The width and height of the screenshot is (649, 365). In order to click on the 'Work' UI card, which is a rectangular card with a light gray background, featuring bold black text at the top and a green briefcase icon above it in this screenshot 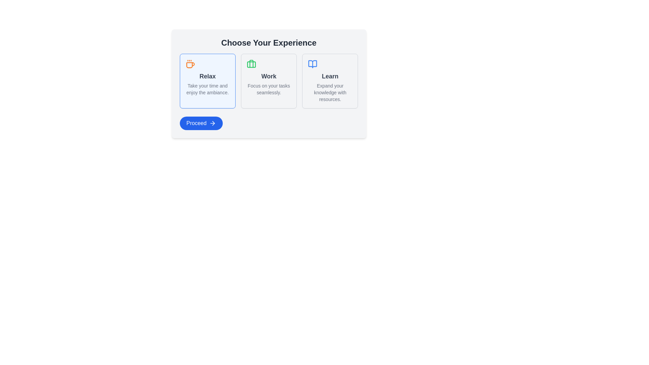, I will do `click(268, 83)`.